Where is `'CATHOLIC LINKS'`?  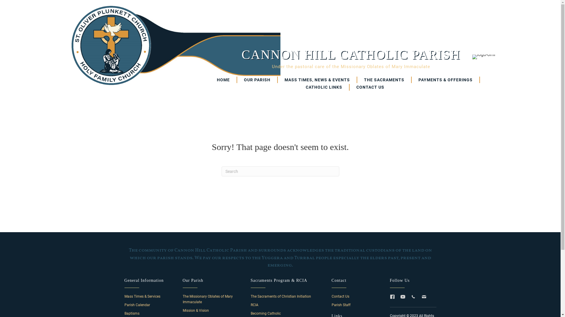 'CATHOLIC LINKS' is located at coordinates (324, 87).